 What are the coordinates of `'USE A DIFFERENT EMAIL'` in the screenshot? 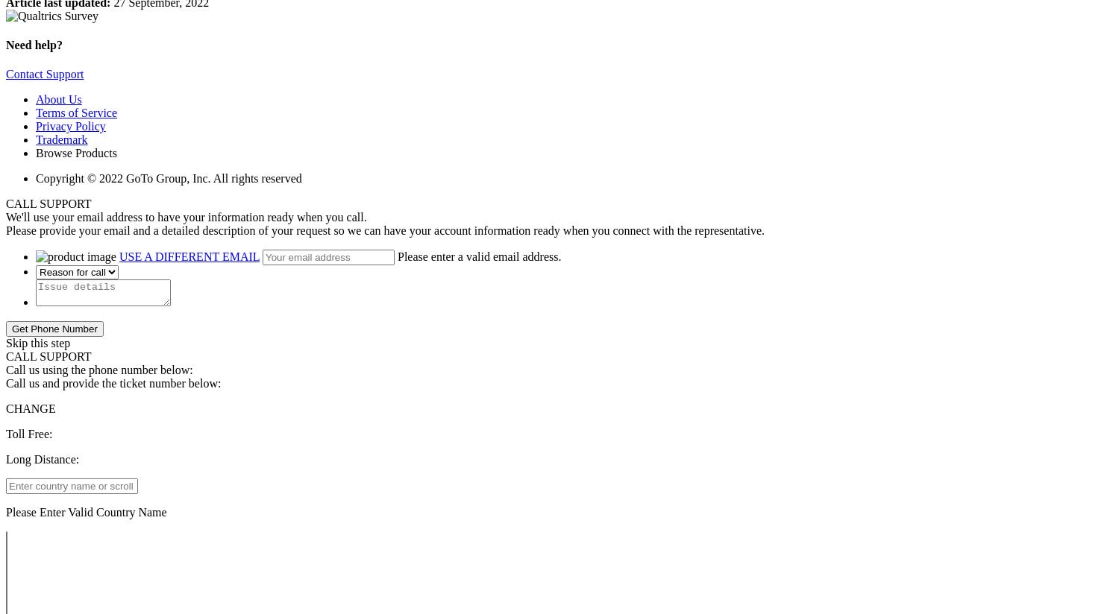 It's located at (189, 256).